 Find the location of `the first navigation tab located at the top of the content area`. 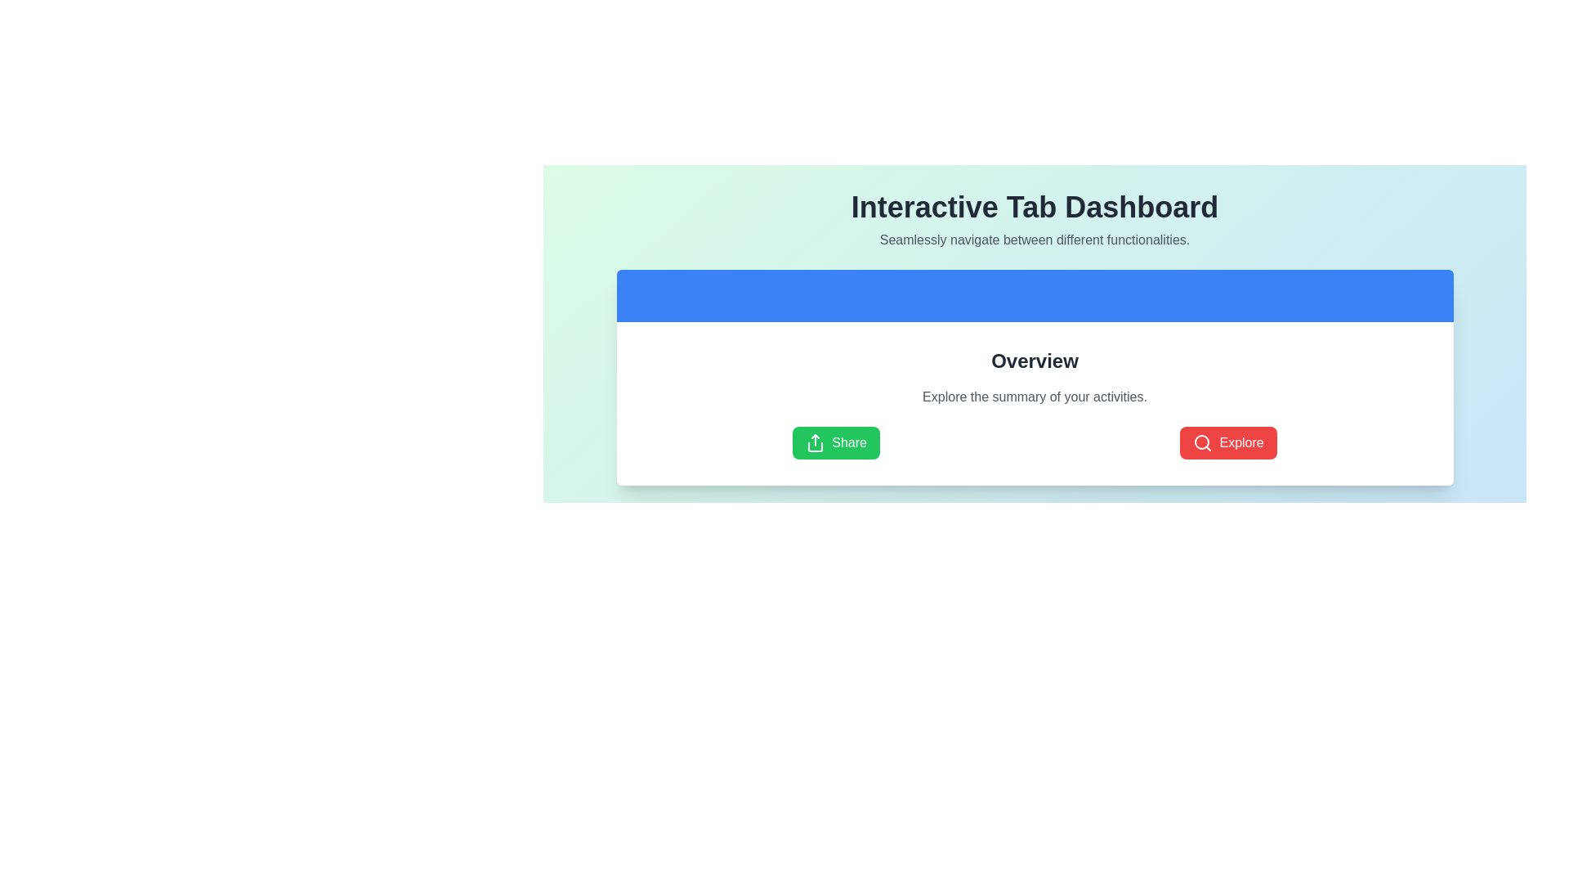

the first navigation tab located at the top of the content area is located at coordinates (720, 296).